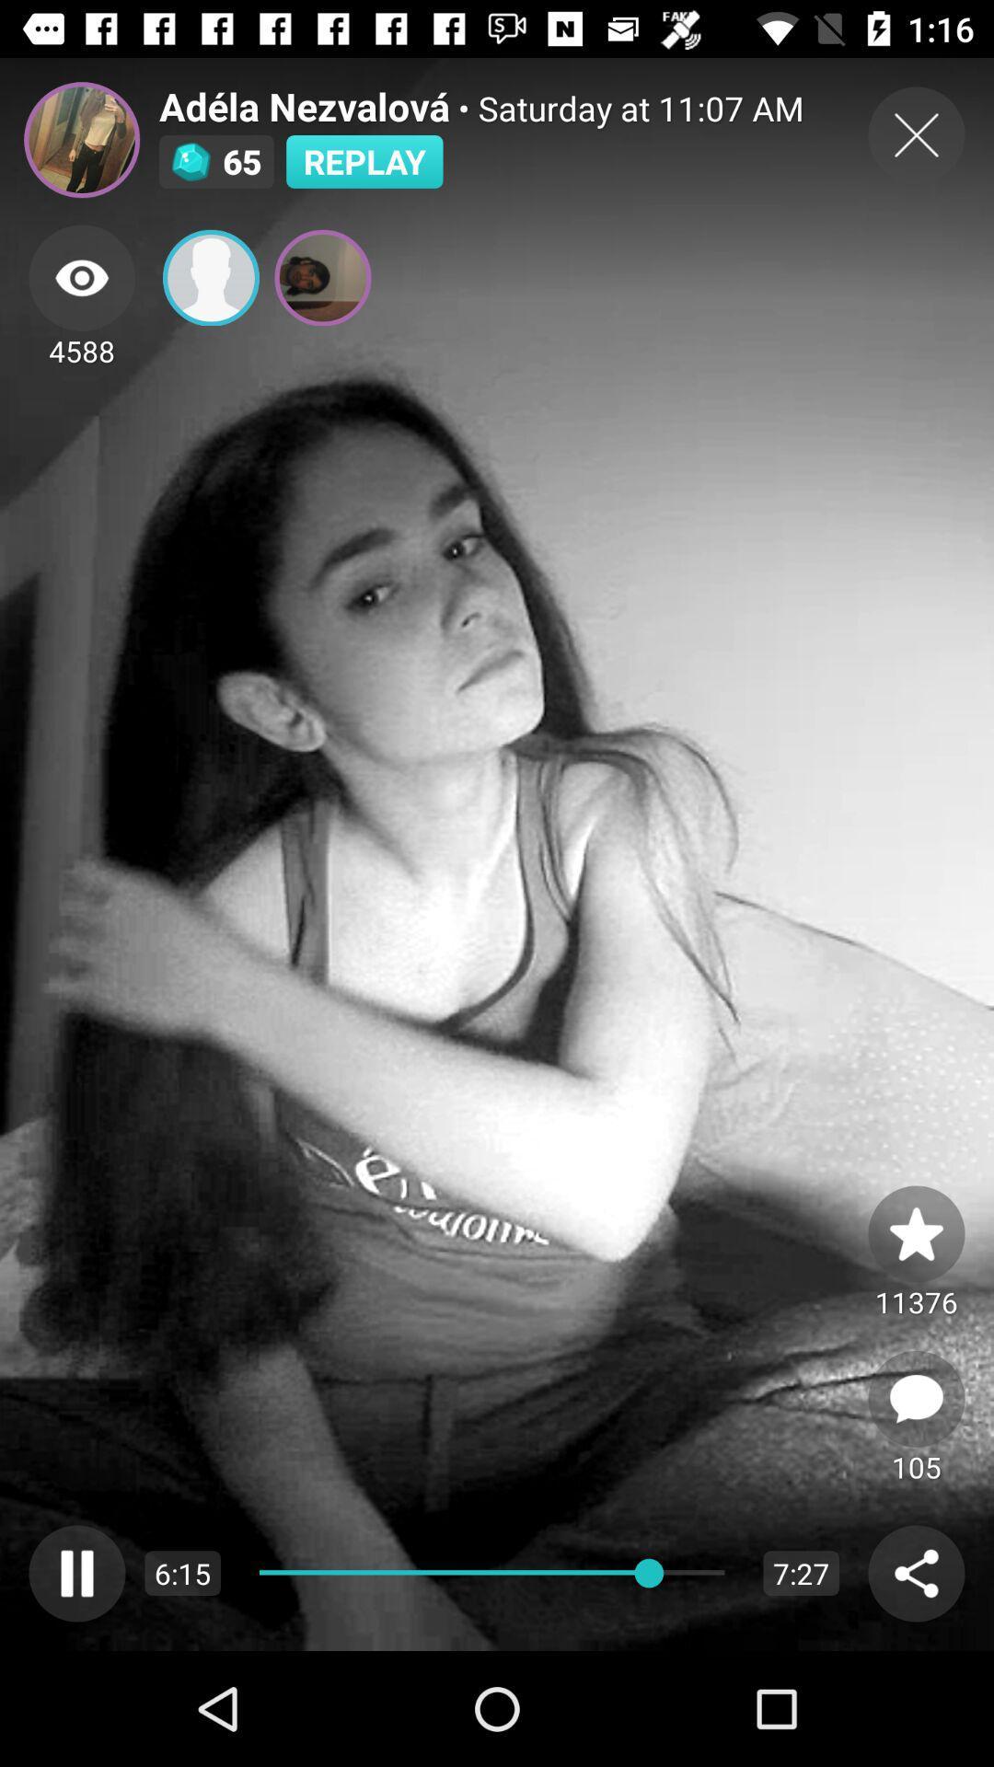 This screenshot has width=994, height=1767. Describe the element at coordinates (916, 134) in the screenshot. I see `video` at that location.